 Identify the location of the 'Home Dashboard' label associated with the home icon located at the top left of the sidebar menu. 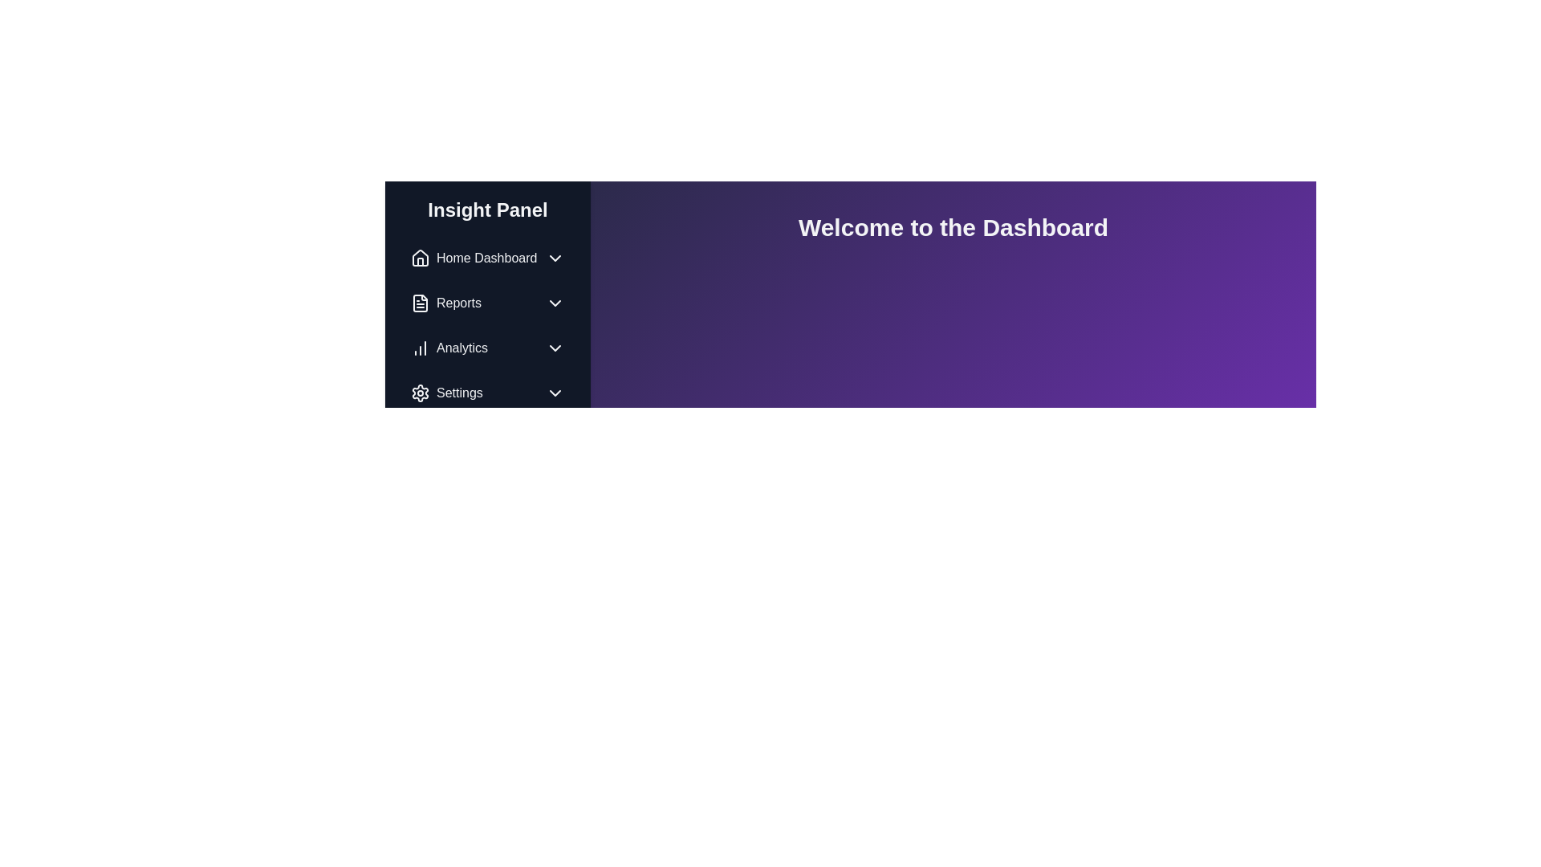
(420, 256).